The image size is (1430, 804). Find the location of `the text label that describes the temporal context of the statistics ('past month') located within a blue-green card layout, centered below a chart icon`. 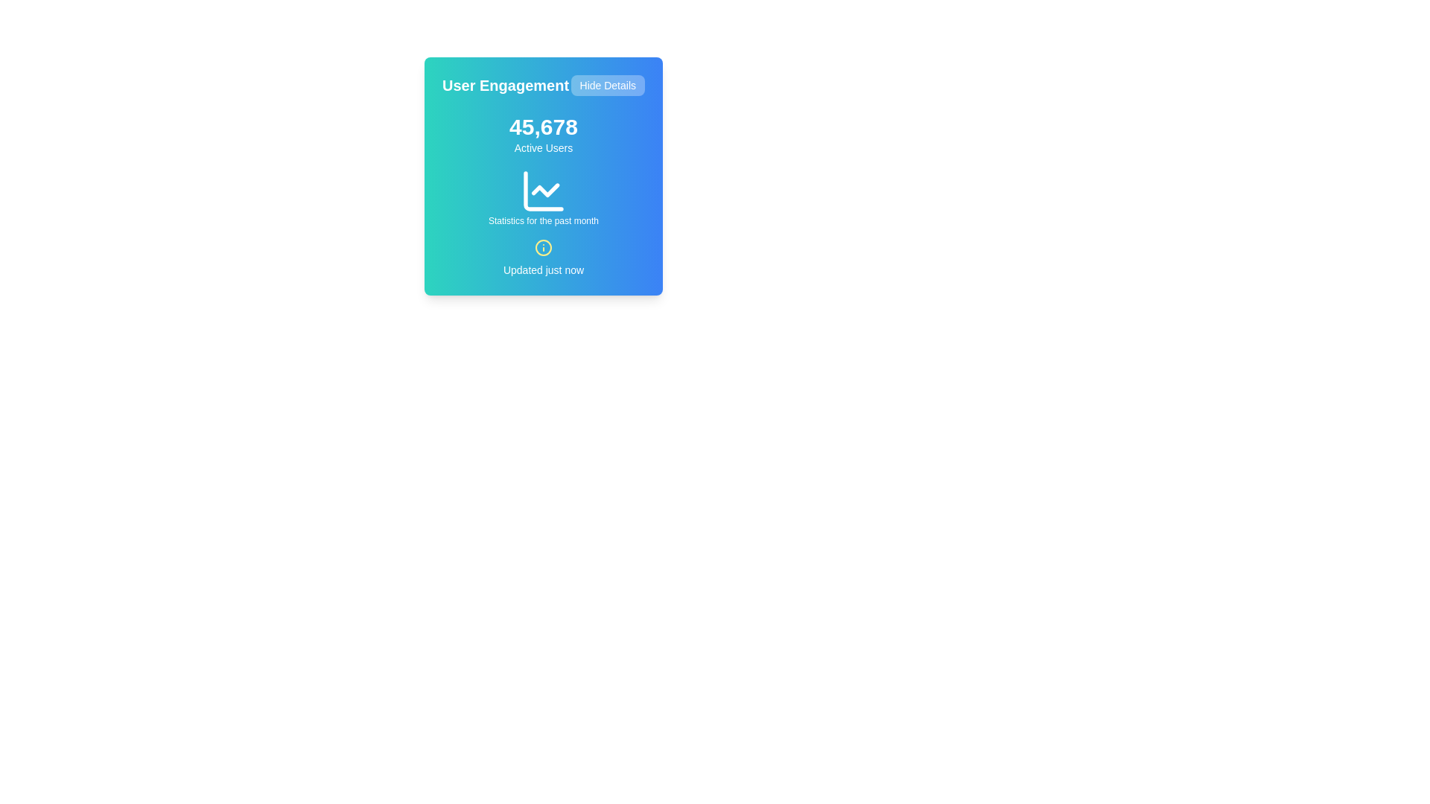

the text label that describes the temporal context of the statistics ('past month') located within a blue-green card layout, centered below a chart icon is located at coordinates (542, 221).